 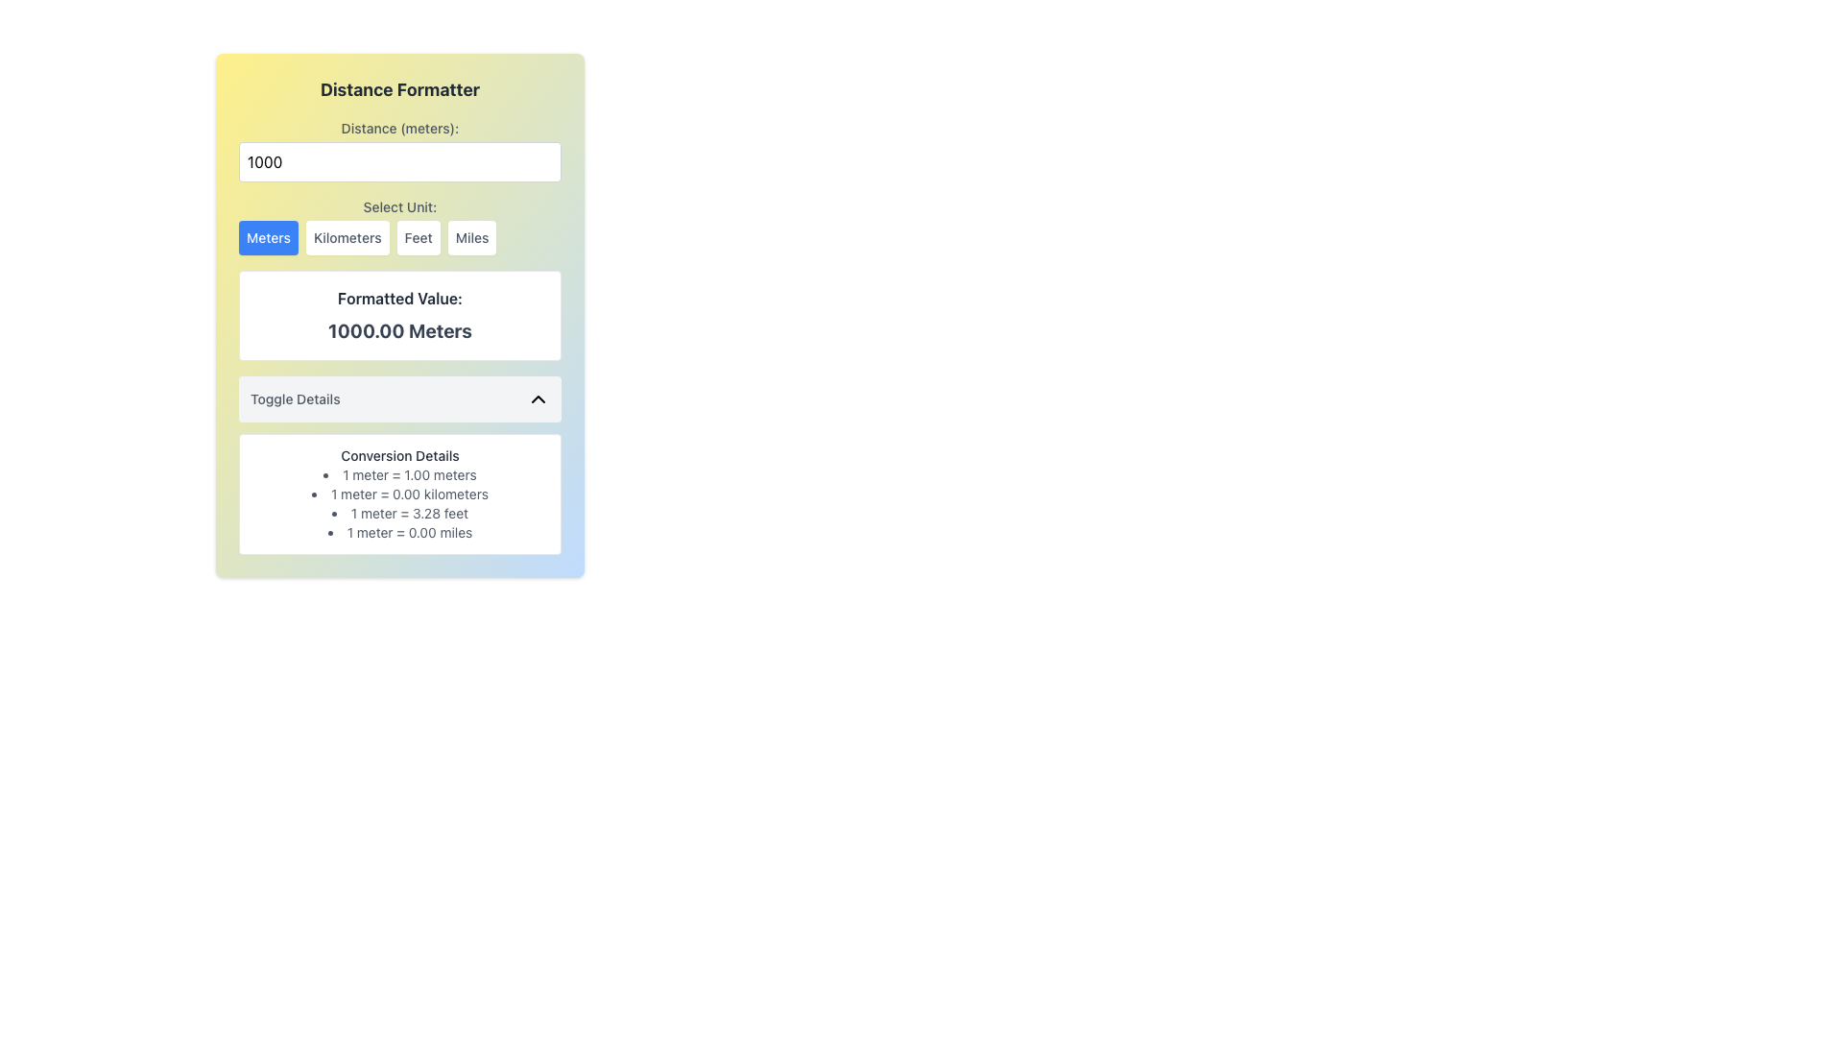 I want to click on the 'Miles' button to trigger a visual shadow effect, indicating it is selected for distance measurement, so click(x=472, y=236).